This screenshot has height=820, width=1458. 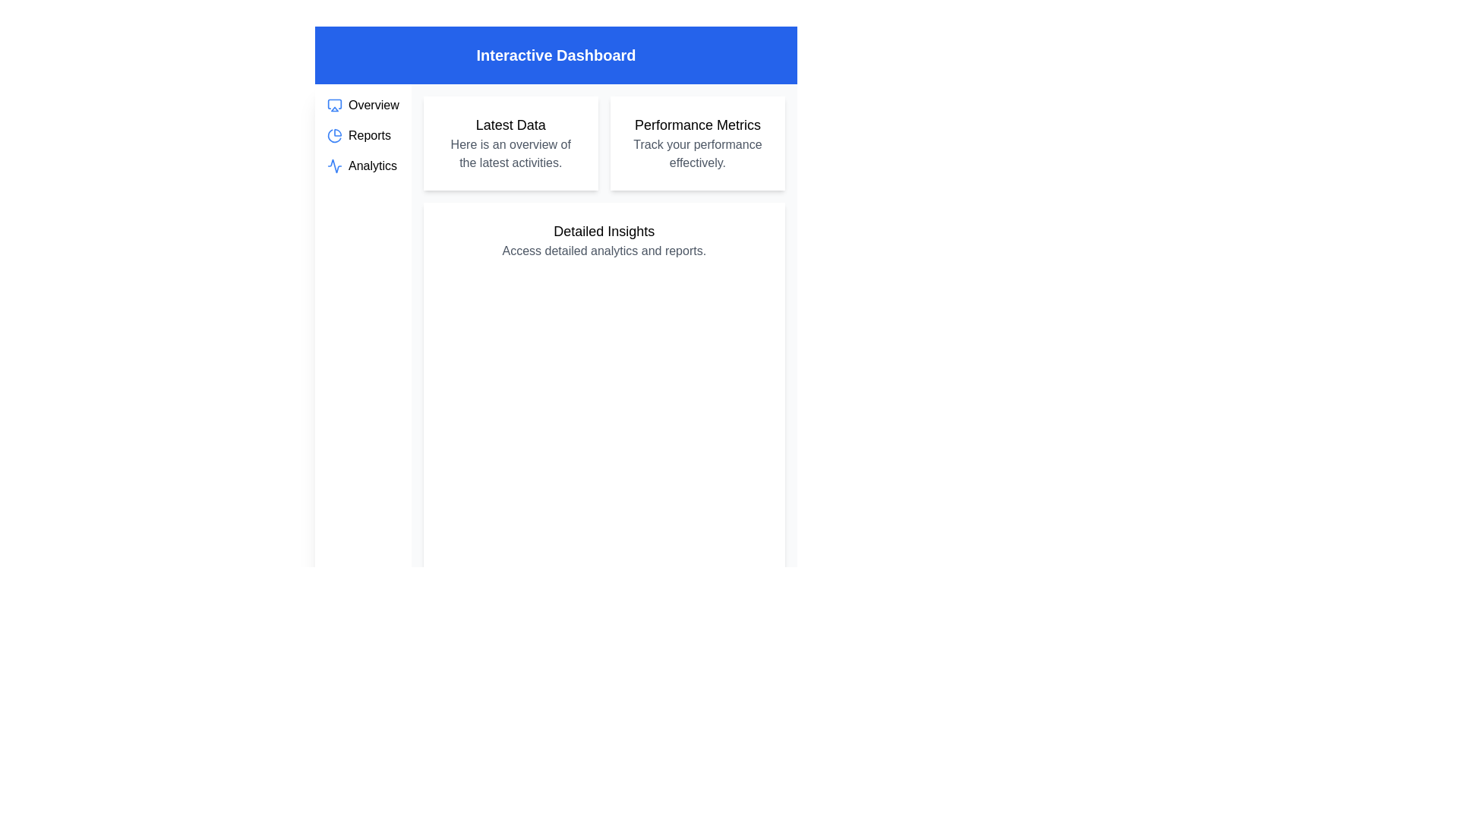 I want to click on the 'Reports' text label in the left-side navigation menu, so click(x=369, y=134).